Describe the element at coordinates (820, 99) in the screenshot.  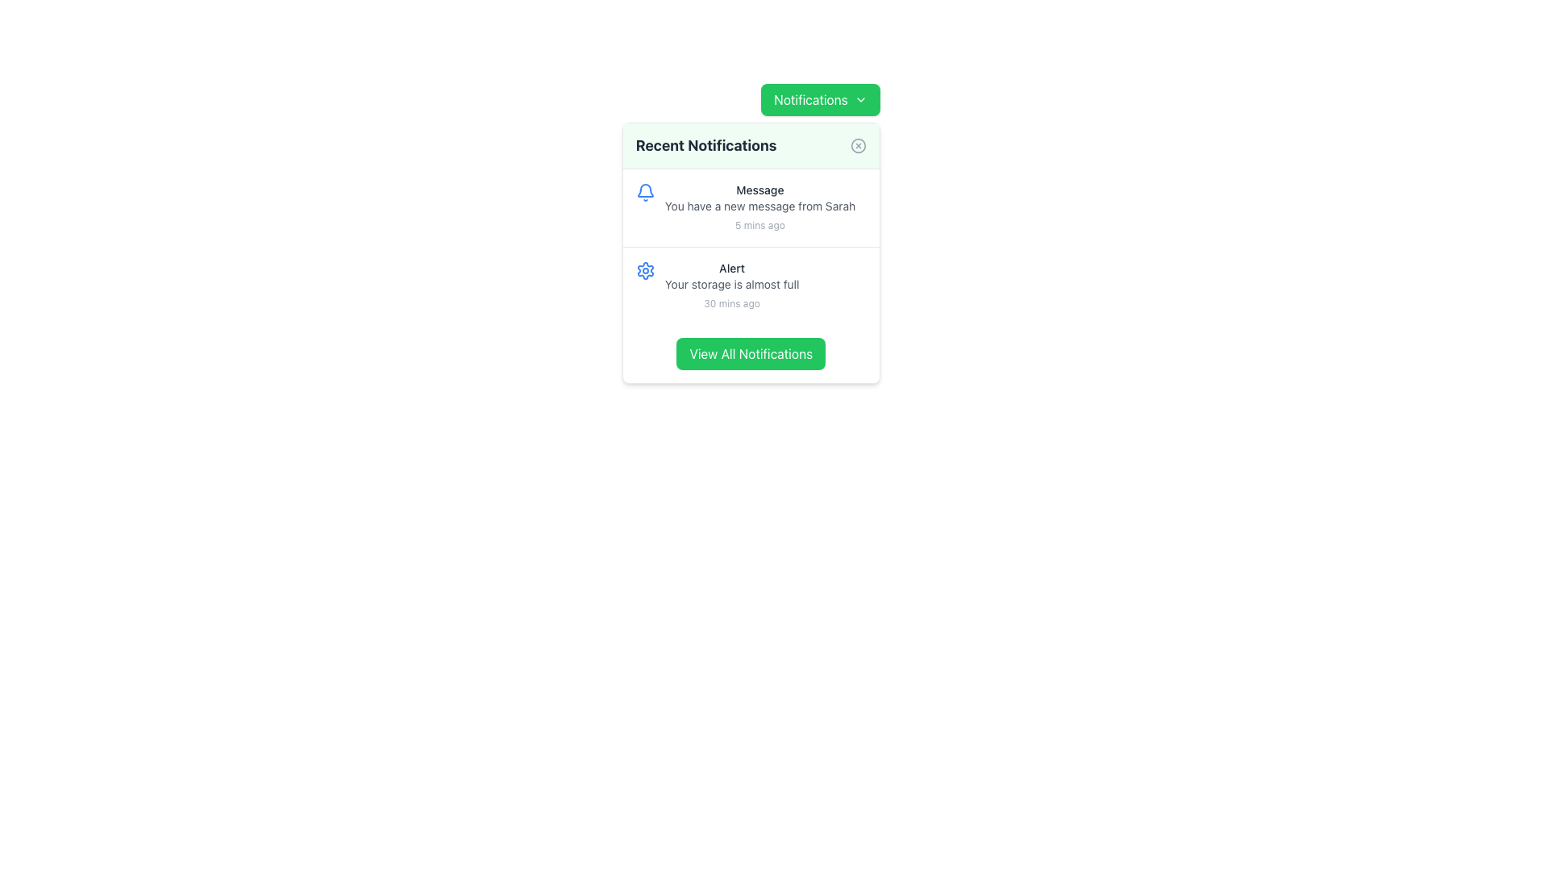
I see `the 'Notifications' button with a green background and white text, which serves as a dropdown trigger` at that location.